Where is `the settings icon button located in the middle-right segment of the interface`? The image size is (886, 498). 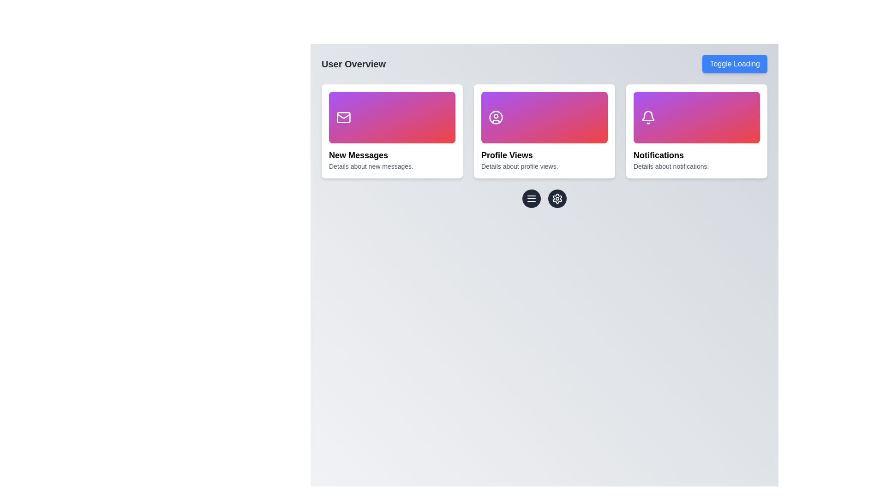 the settings icon button located in the middle-right segment of the interface is located at coordinates (557, 198).